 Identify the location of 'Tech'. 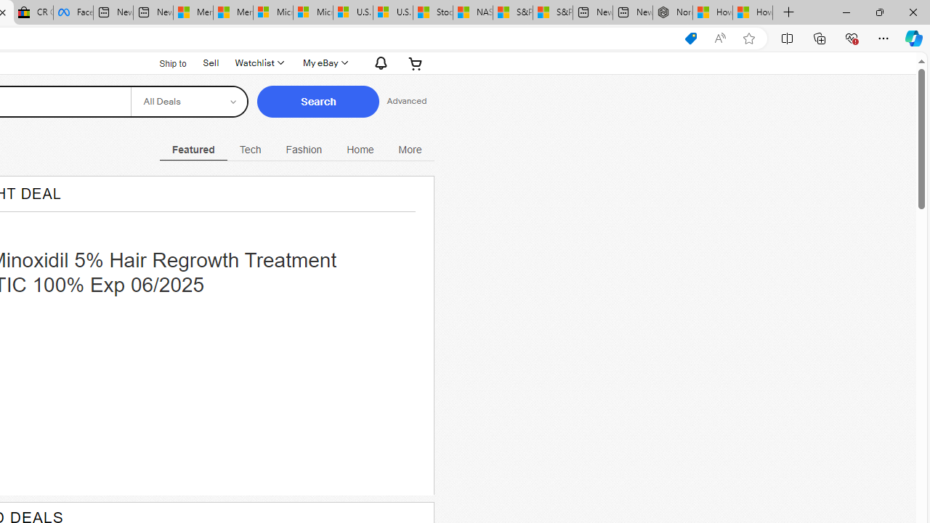
(250, 149).